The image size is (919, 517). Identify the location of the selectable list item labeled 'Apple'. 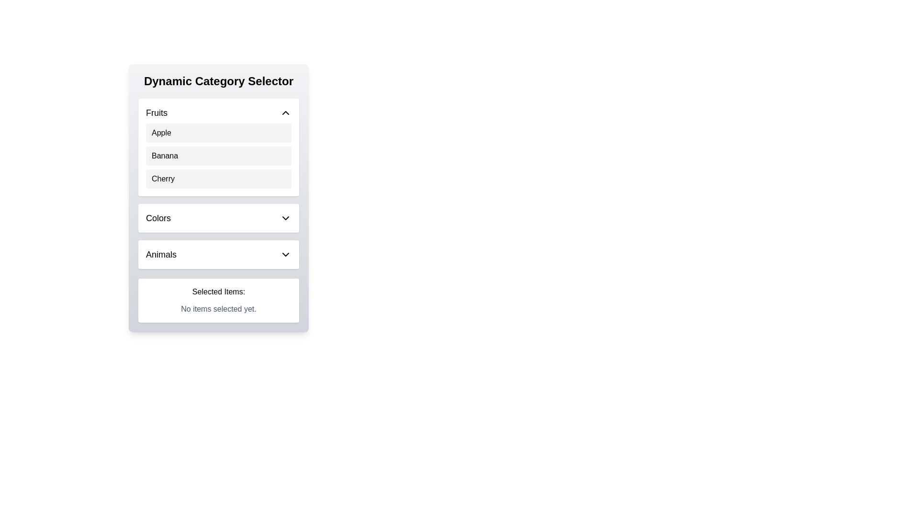
(218, 133).